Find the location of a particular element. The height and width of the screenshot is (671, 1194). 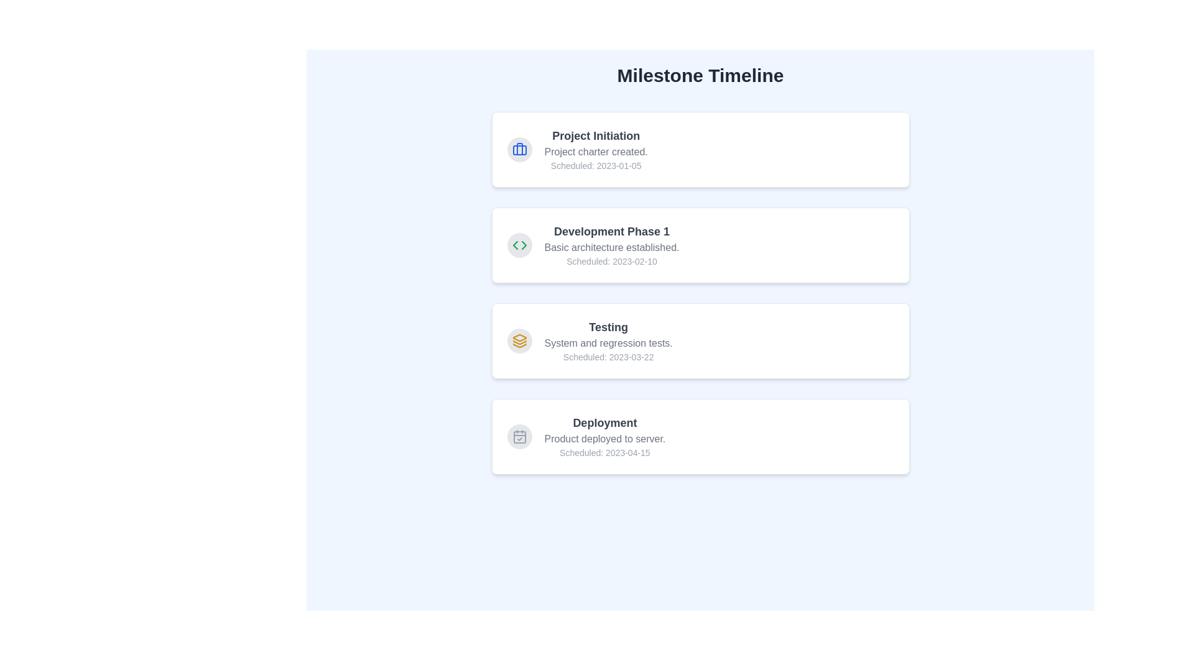

the second text label in the fourth milestone card that indicates the product has been deployed to the server is located at coordinates (604, 438).